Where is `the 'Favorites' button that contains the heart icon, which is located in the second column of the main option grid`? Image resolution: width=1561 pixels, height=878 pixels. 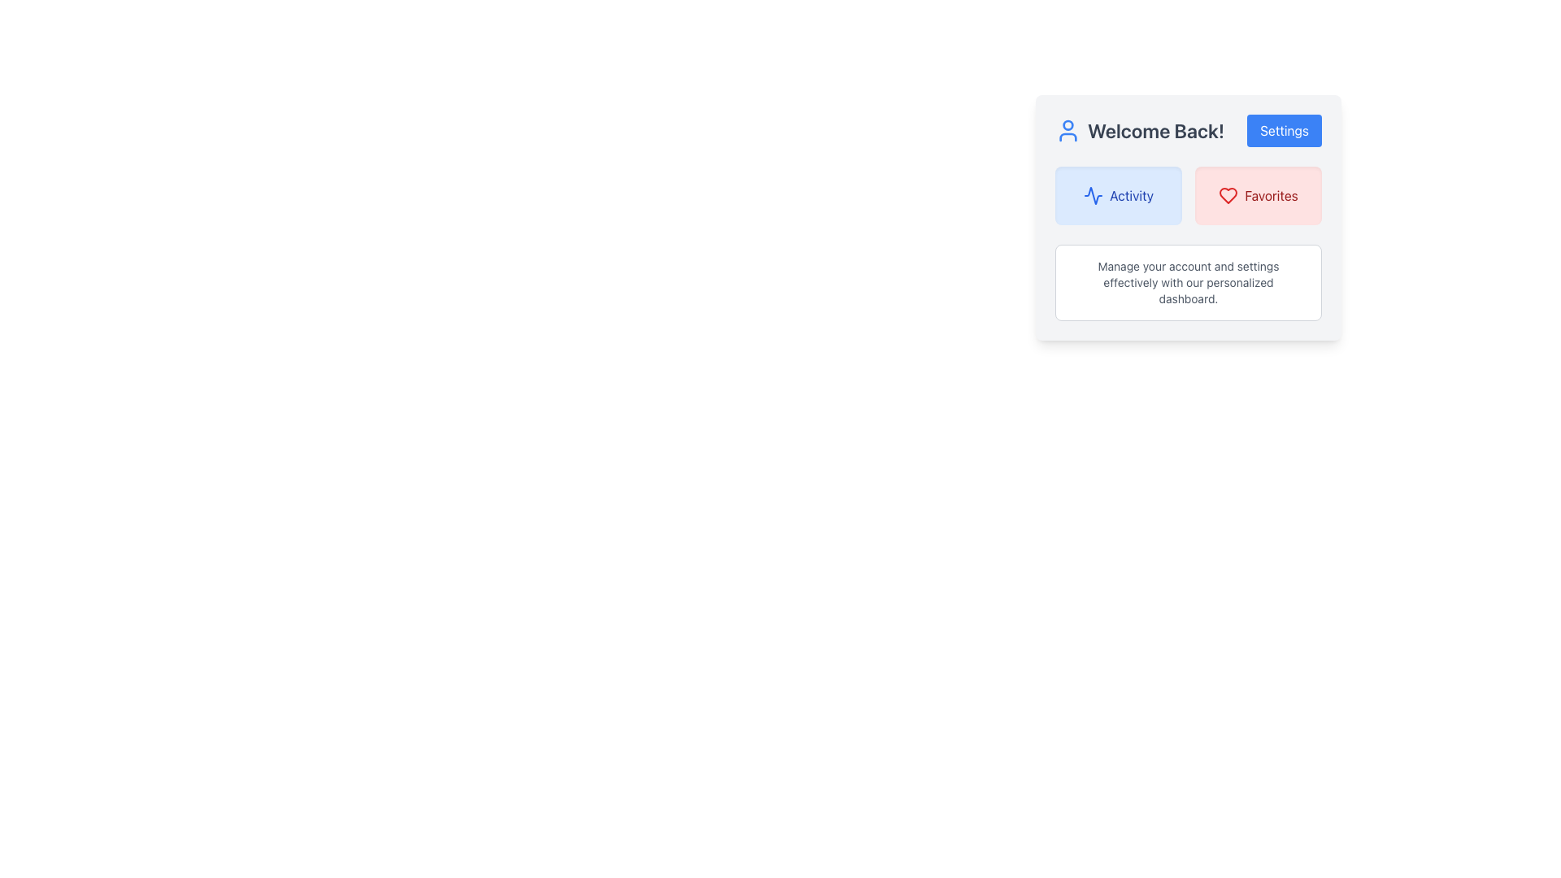
the 'Favorites' button that contains the heart icon, which is located in the second column of the main option grid is located at coordinates (1228, 194).